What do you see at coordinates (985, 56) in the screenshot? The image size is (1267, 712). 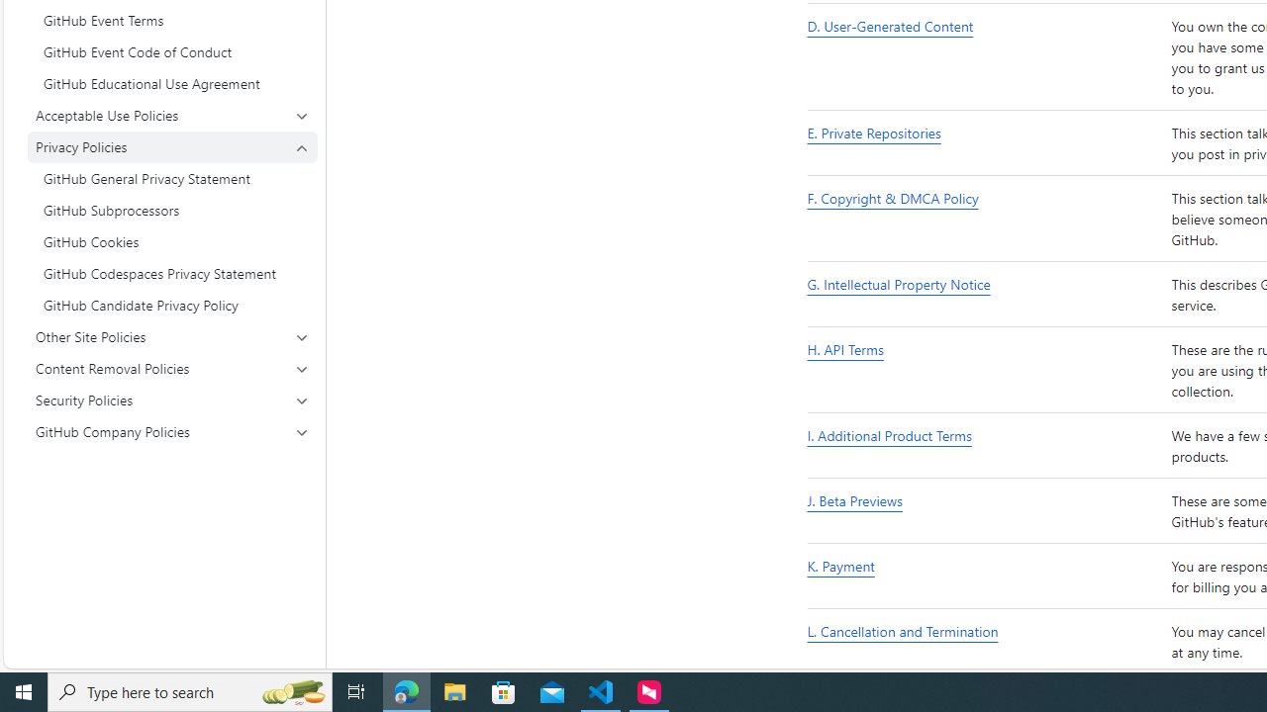 I see `'D. User-Generated Content'` at bounding box center [985, 56].